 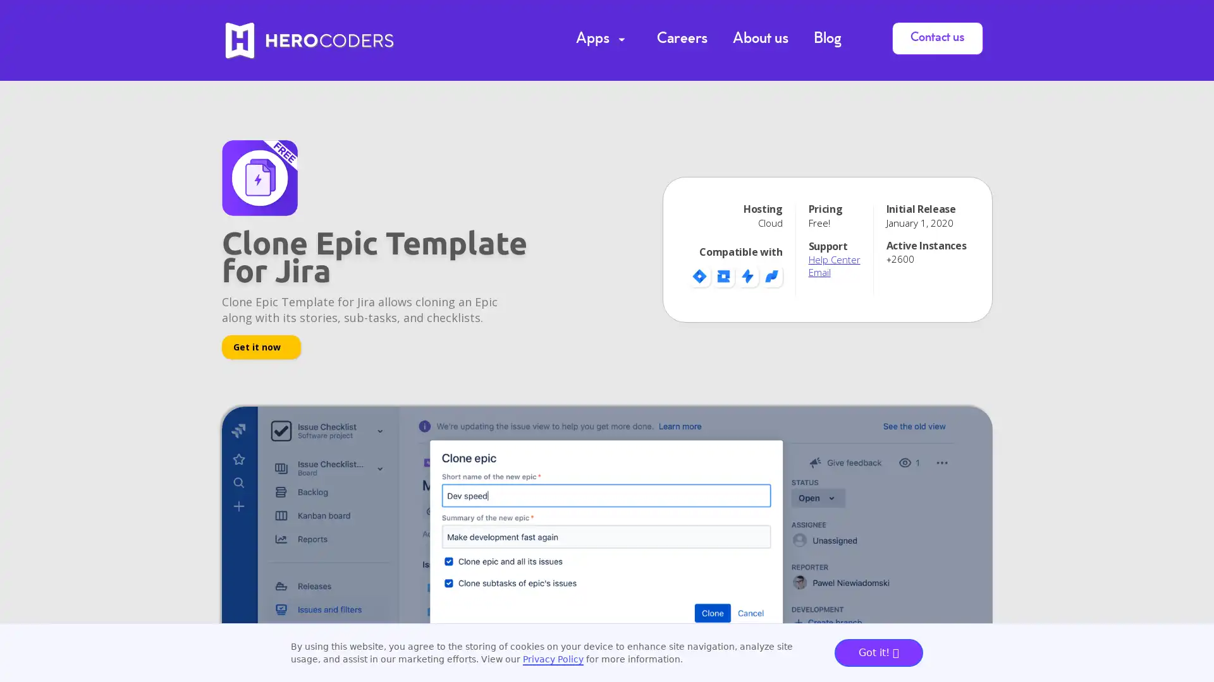 I want to click on Got it!, so click(x=878, y=652).